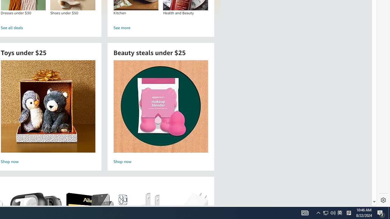 The width and height of the screenshot is (390, 219). Describe the element at coordinates (318, 212) in the screenshot. I see `'Python'` at that location.